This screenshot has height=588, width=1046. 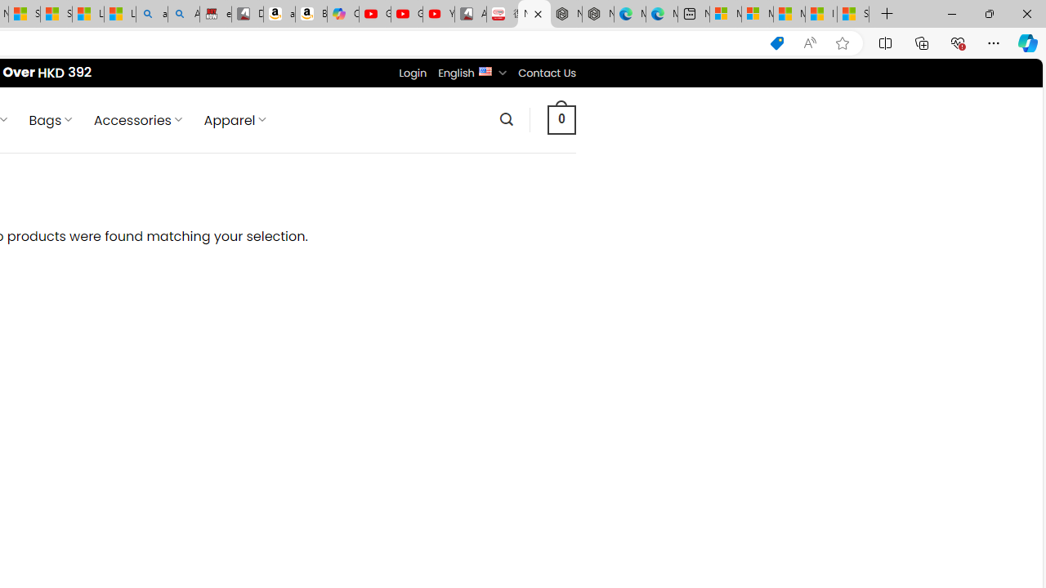 I want to click on 'I Gained 20 Pounds of Muscle in 30 Days! | Watch', so click(x=820, y=14).